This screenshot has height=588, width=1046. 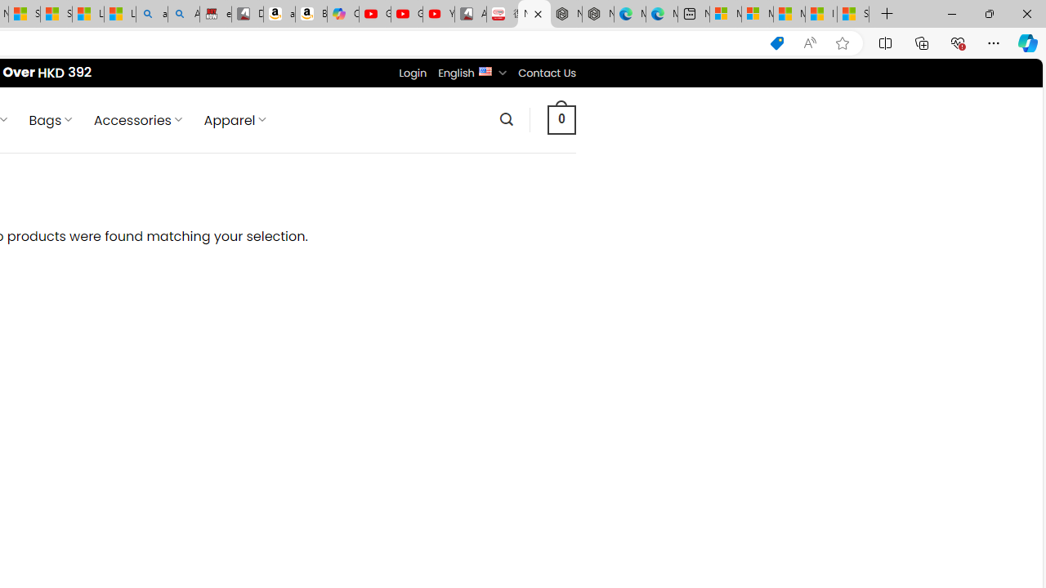 I want to click on 'I Gained 20 Pounds of Muscle in 30 Days! | Watch', so click(x=820, y=14).